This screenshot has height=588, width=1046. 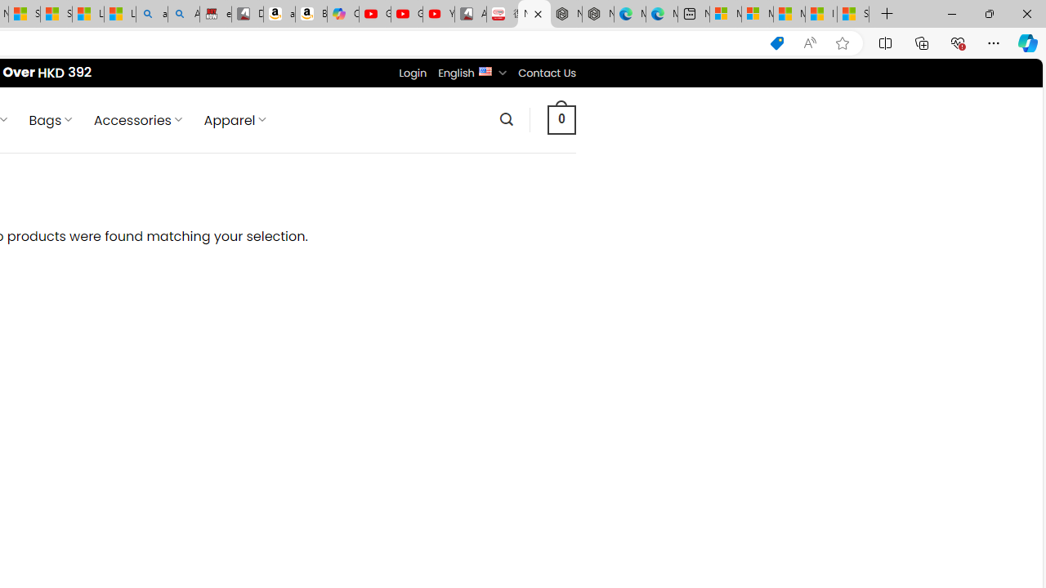 I want to click on 'I Gained 20 Pounds of Muscle in 30 Days! | Watch', so click(x=820, y=14).